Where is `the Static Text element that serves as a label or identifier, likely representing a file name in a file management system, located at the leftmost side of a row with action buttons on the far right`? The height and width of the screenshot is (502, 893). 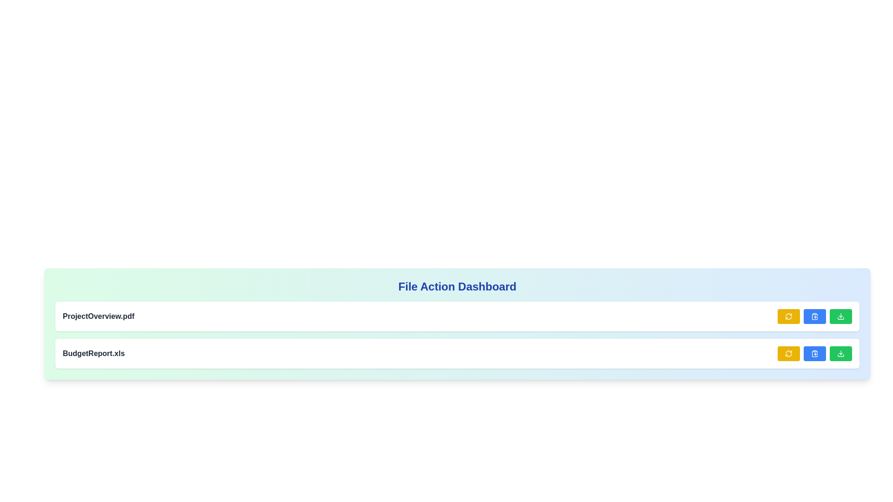
the Static Text element that serves as a label or identifier, likely representing a file name in a file management system, located at the leftmost side of a row with action buttons on the far right is located at coordinates (93, 353).